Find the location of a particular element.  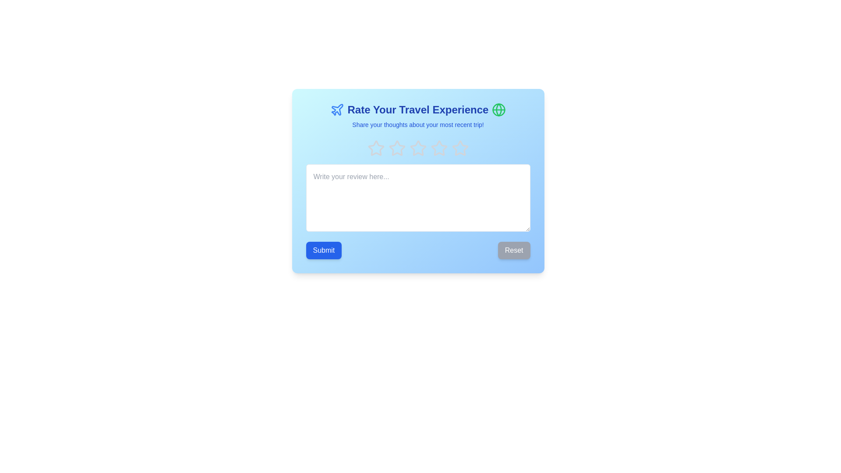

the first star icon for rating is located at coordinates (376, 148).